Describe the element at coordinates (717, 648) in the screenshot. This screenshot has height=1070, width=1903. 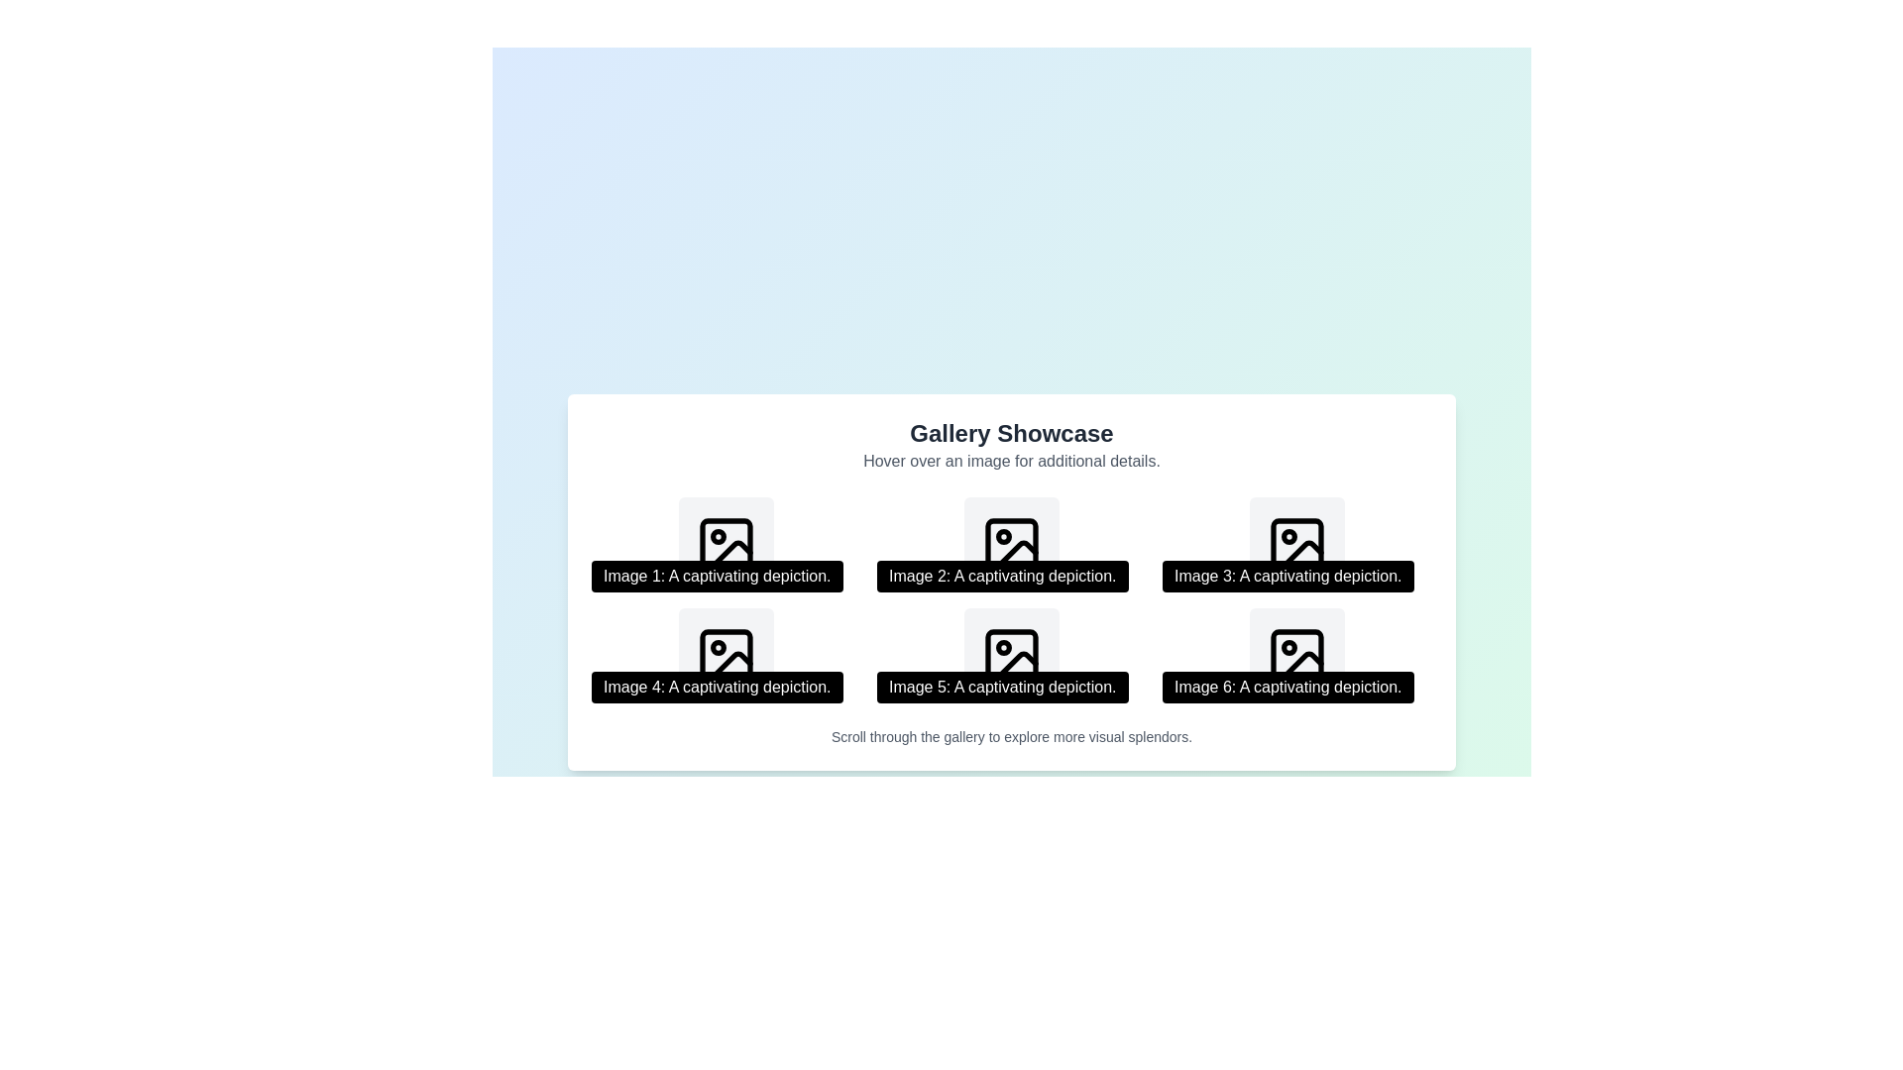
I see `the decorative circle within the fourth image icon in the second row of the gallery, which serves as a visual marker` at that location.